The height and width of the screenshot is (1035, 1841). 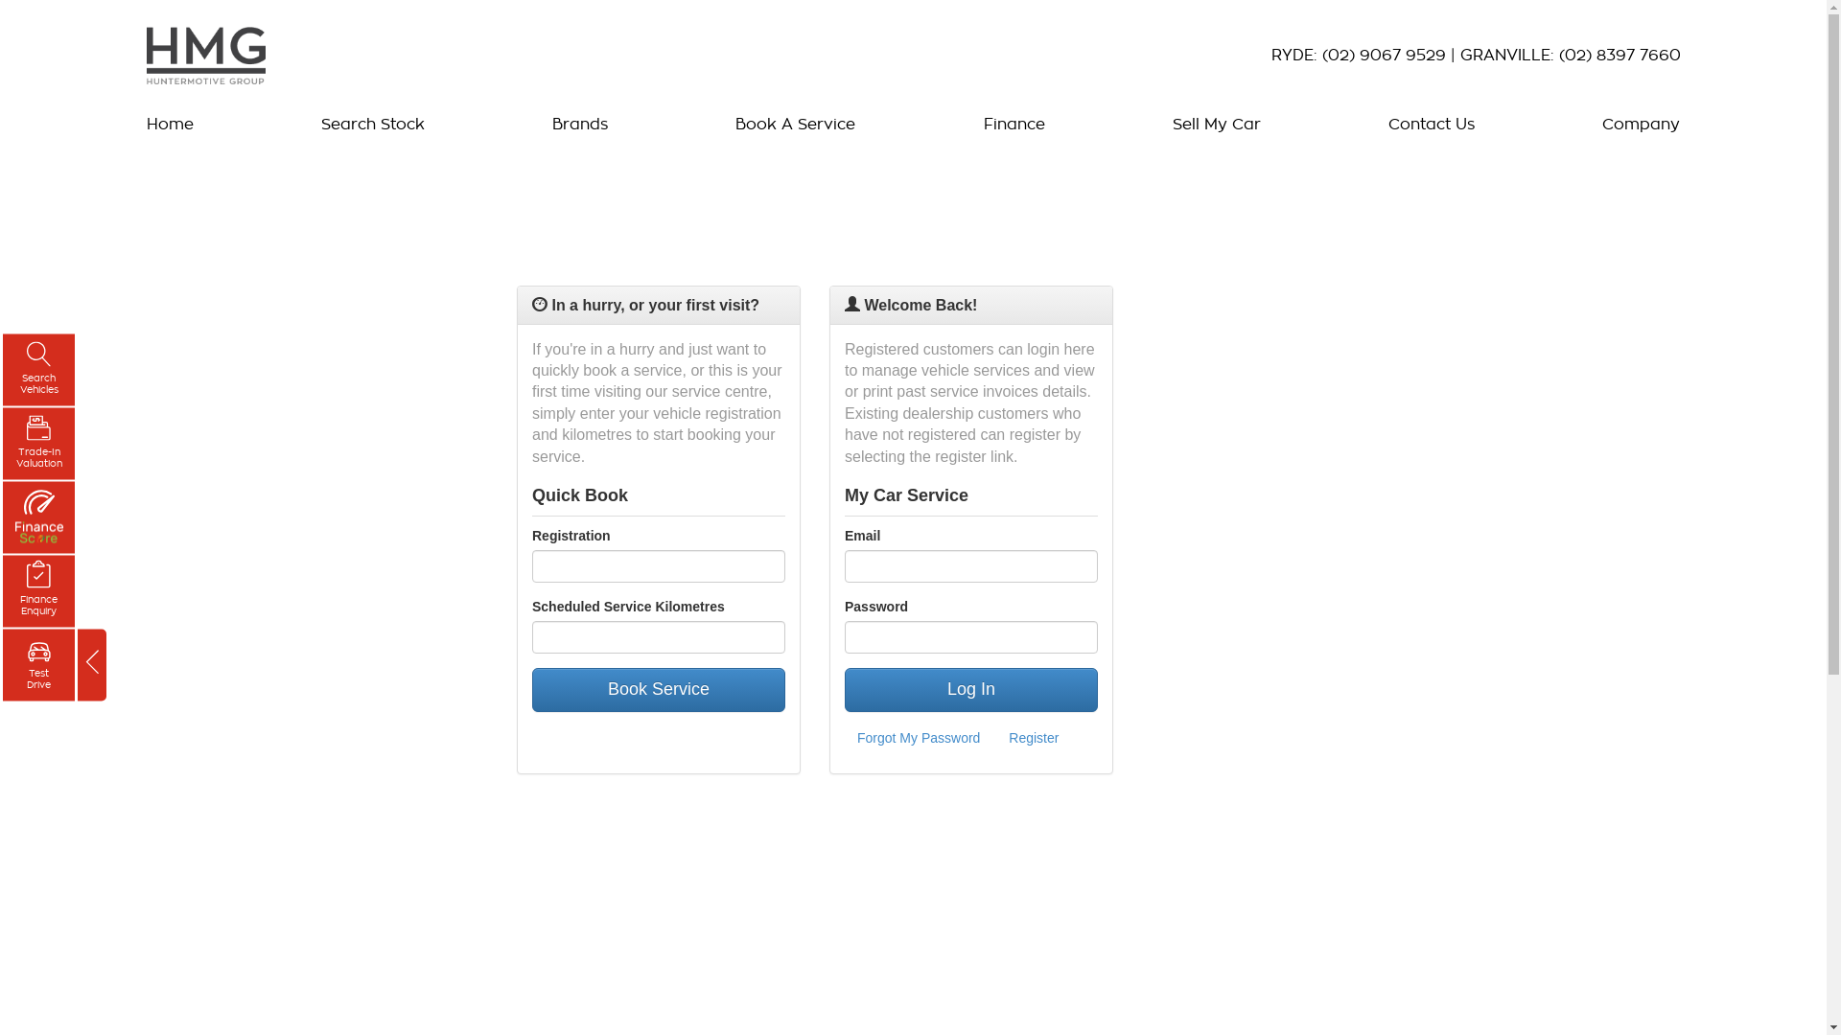 I want to click on 'Brands', so click(x=578, y=125).